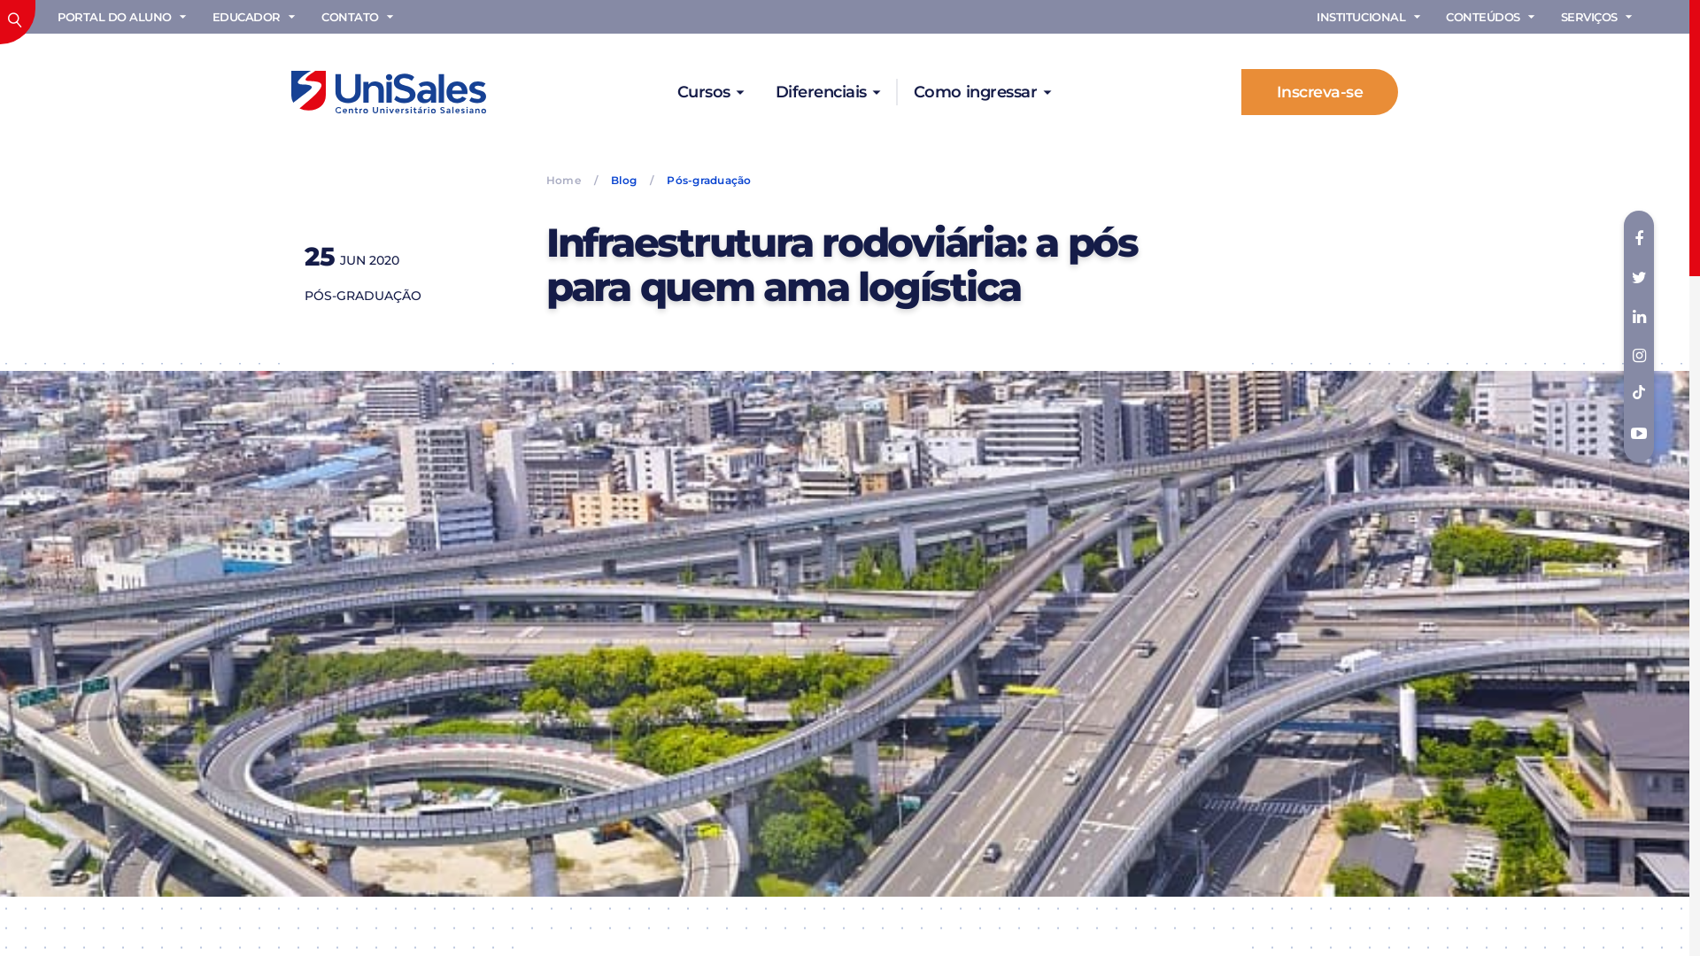 This screenshot has width=1700, height=956. Describe the element at coordinates (358, 17) in the screenshot. I see `'CONTATO'` at that location.